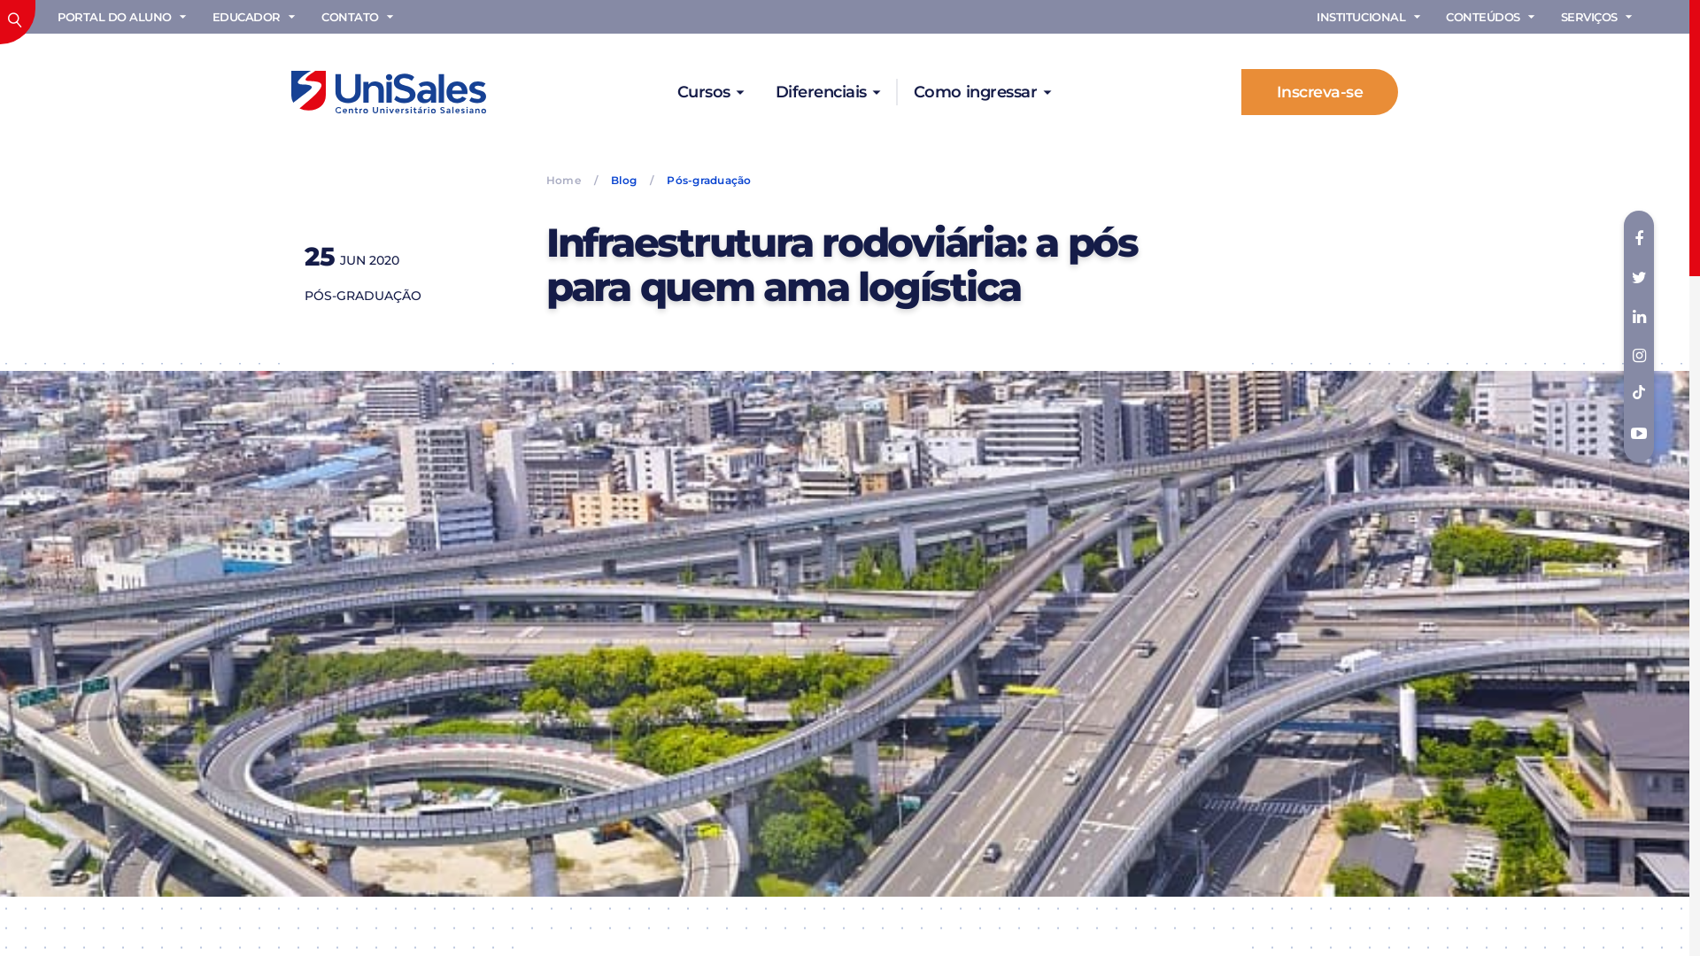 This screenshot has width=1700, height=956. Describe the element at coordinates (358, 17) in the screenshot. I see `'CONTATO'` at that location.